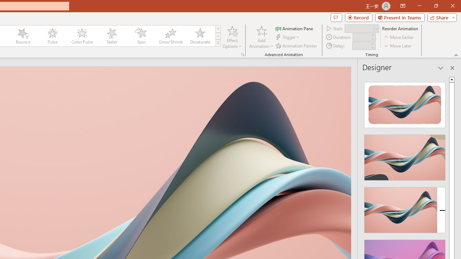 This screenshot has height=259, width=461. What do you see at coordinates (111, 36) in the screenshot?
I see `'Teeter'` at bounding box center [111, 36].